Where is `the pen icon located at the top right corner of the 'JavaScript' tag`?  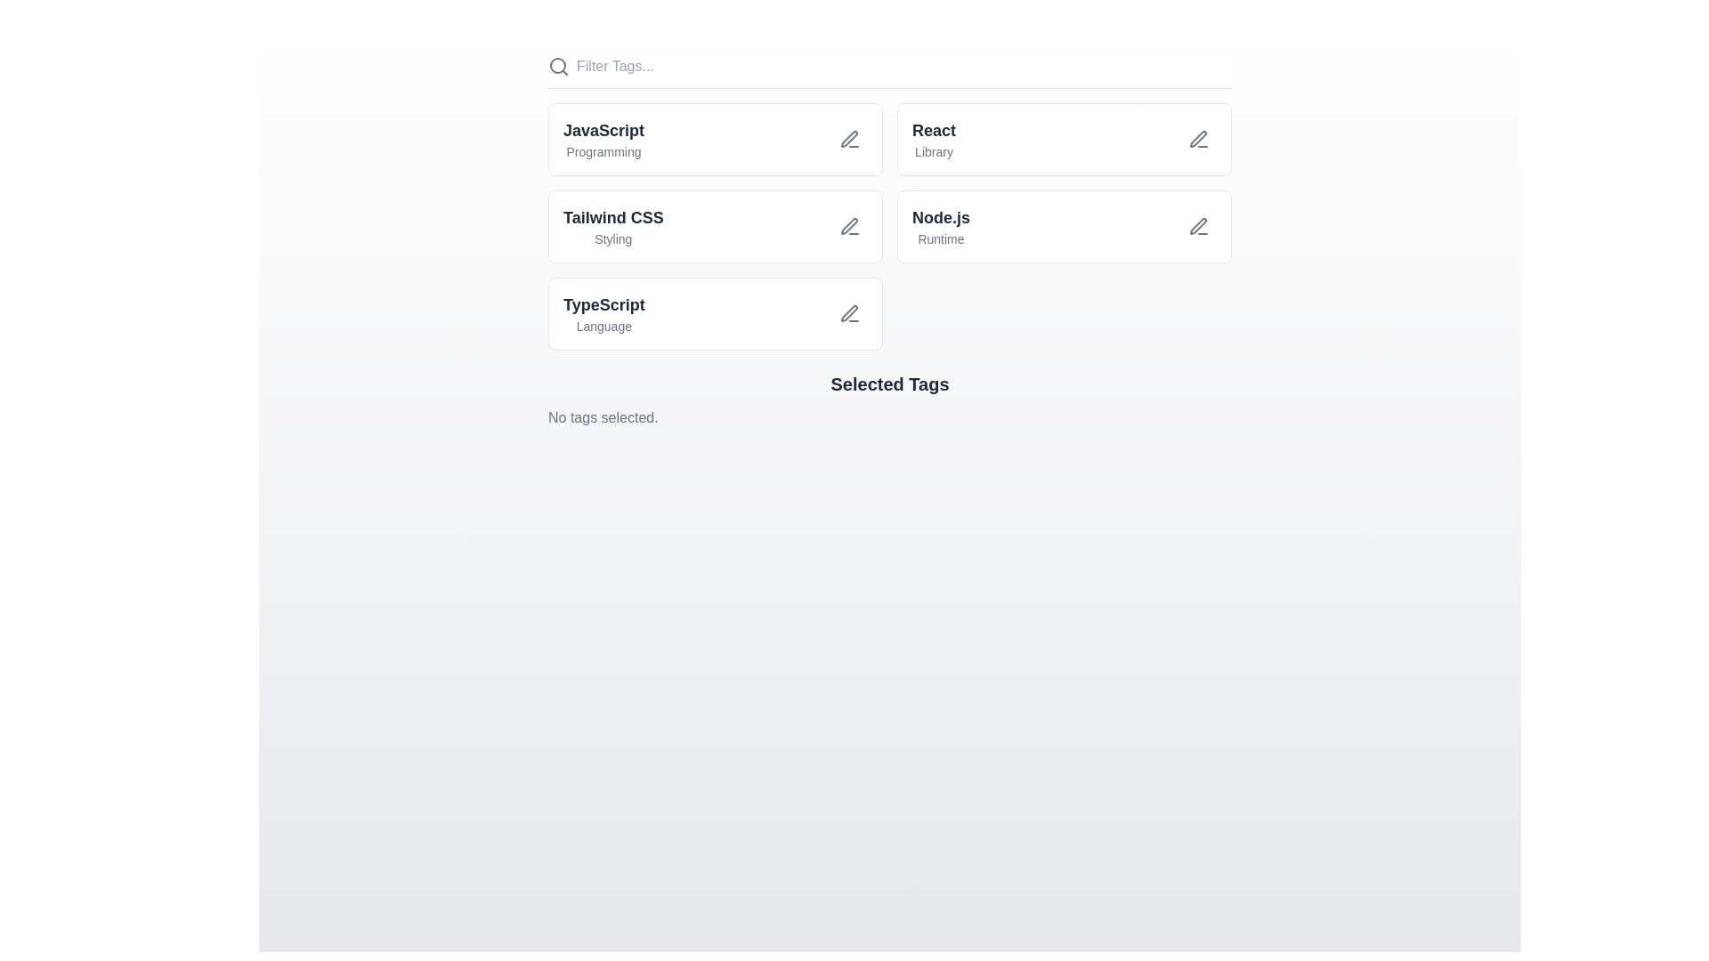
the pen icon located at the top right corner of the 'JavaScript' tag is located at coordinates (849, 139).